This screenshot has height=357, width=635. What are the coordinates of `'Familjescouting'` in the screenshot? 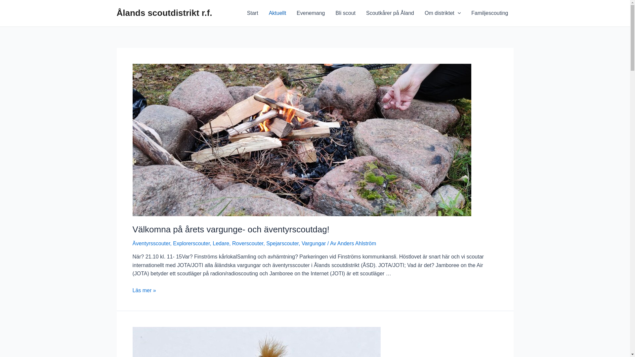 It's located at (466, 13).